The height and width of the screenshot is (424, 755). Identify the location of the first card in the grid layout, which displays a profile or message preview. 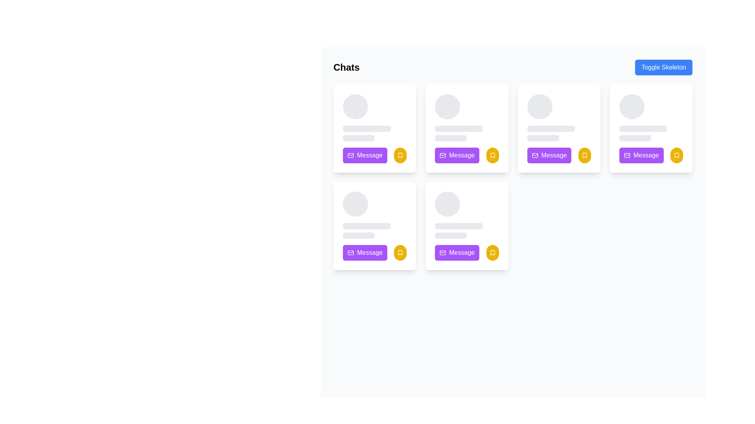
(374, 128).